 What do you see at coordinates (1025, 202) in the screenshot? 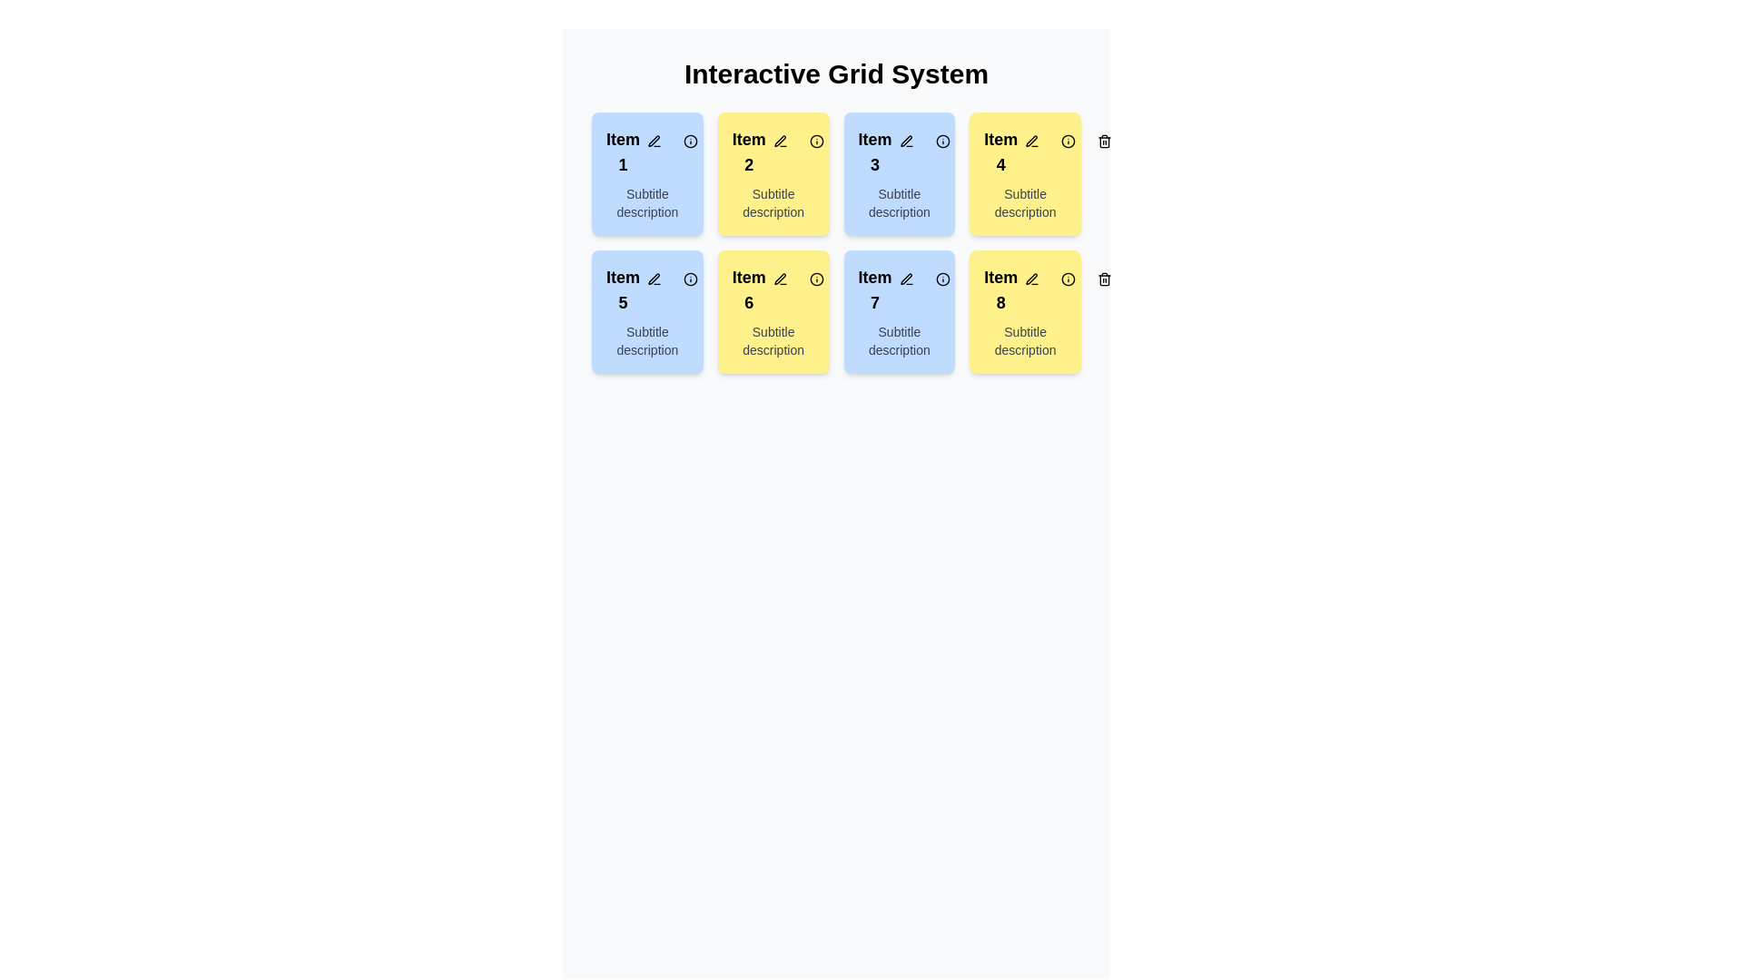
I see `the static text located within the yellow card labeled 'Item 4', which provides additional information about the card's primary content` at bounding box center [1025, 202].